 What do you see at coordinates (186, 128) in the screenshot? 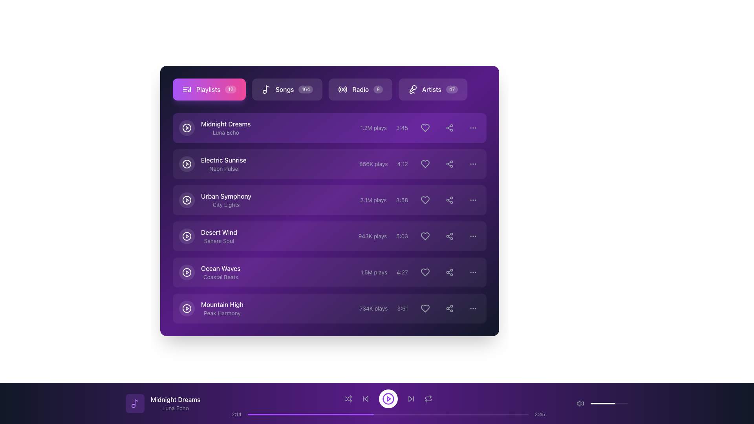
I see `the Circle SVG graphical component that visually styles the play button associated with the 'Midnight Dreams' list item` at bounding box center [186, 128].